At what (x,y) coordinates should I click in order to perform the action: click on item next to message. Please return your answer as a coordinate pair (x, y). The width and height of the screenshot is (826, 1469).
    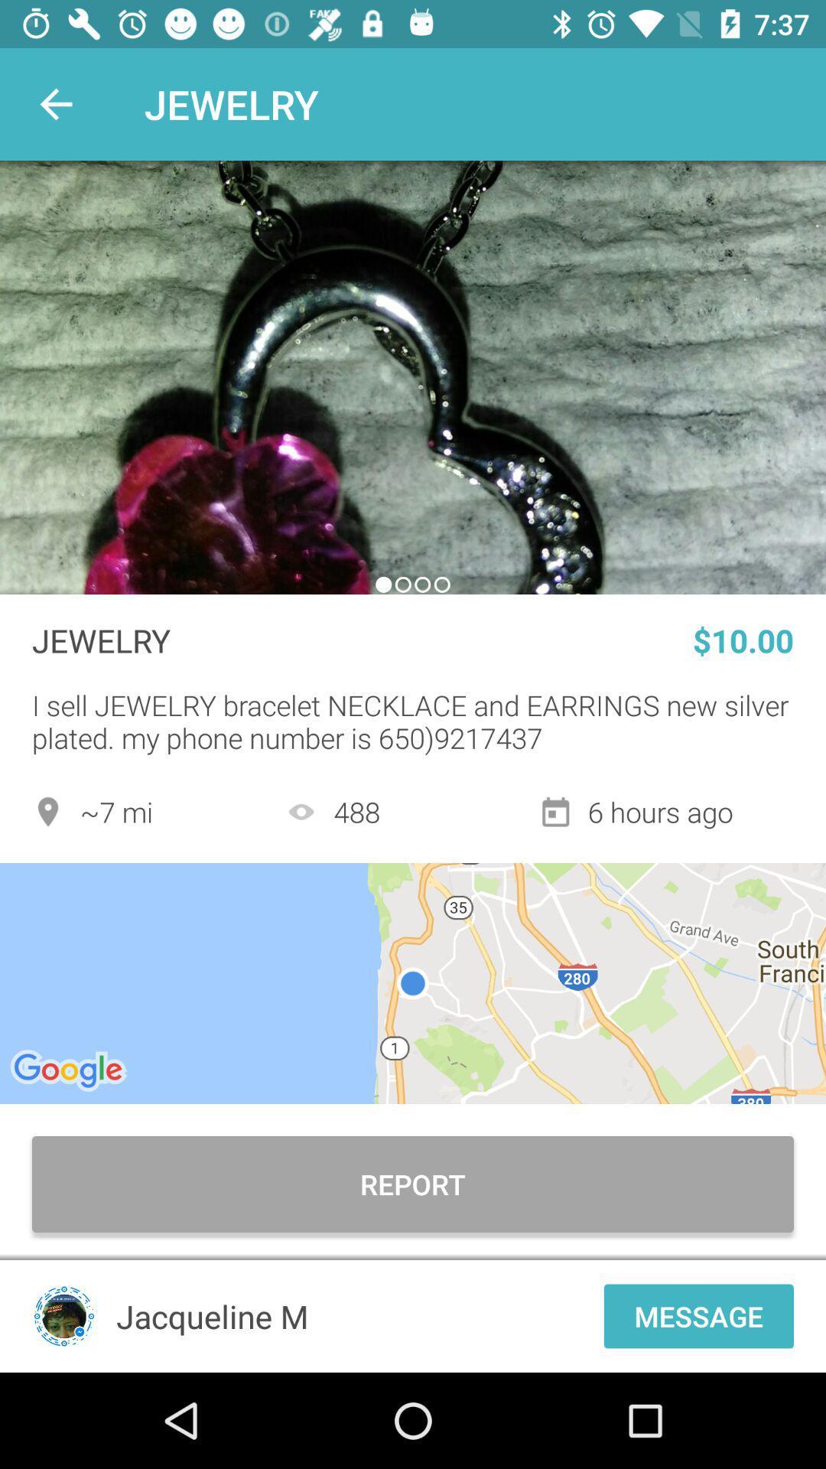
    Looking at the image, I should click on (355, 1315).